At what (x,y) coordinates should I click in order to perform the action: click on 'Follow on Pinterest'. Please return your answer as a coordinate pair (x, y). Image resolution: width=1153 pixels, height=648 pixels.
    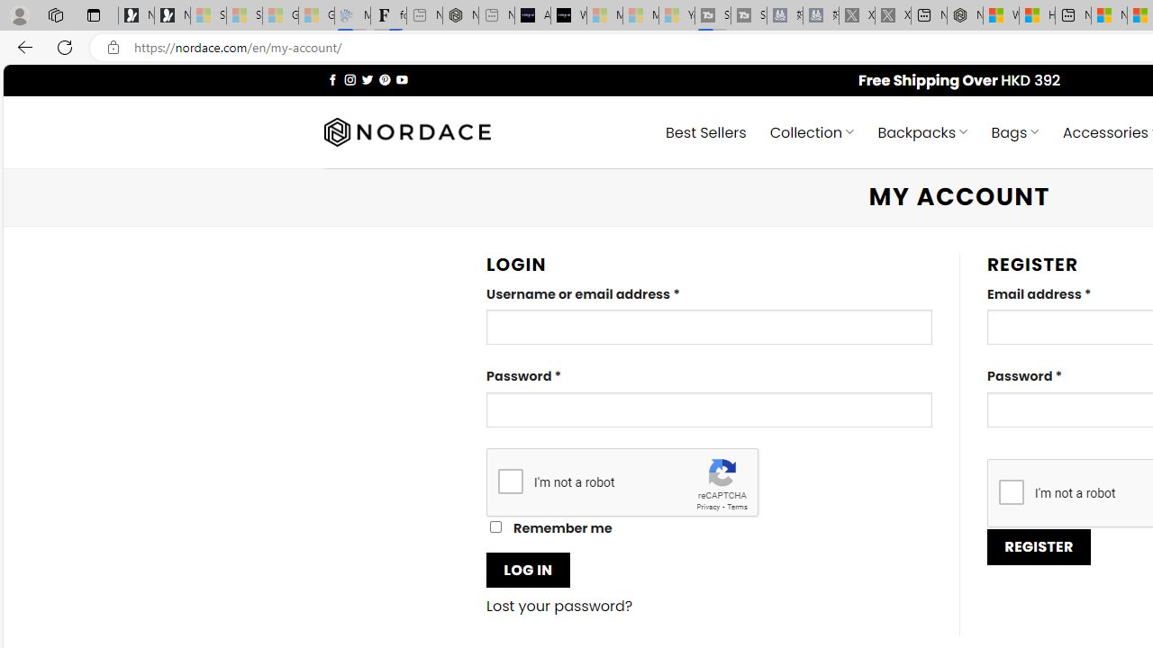
    Looking at the image, I should click on (384, 78).